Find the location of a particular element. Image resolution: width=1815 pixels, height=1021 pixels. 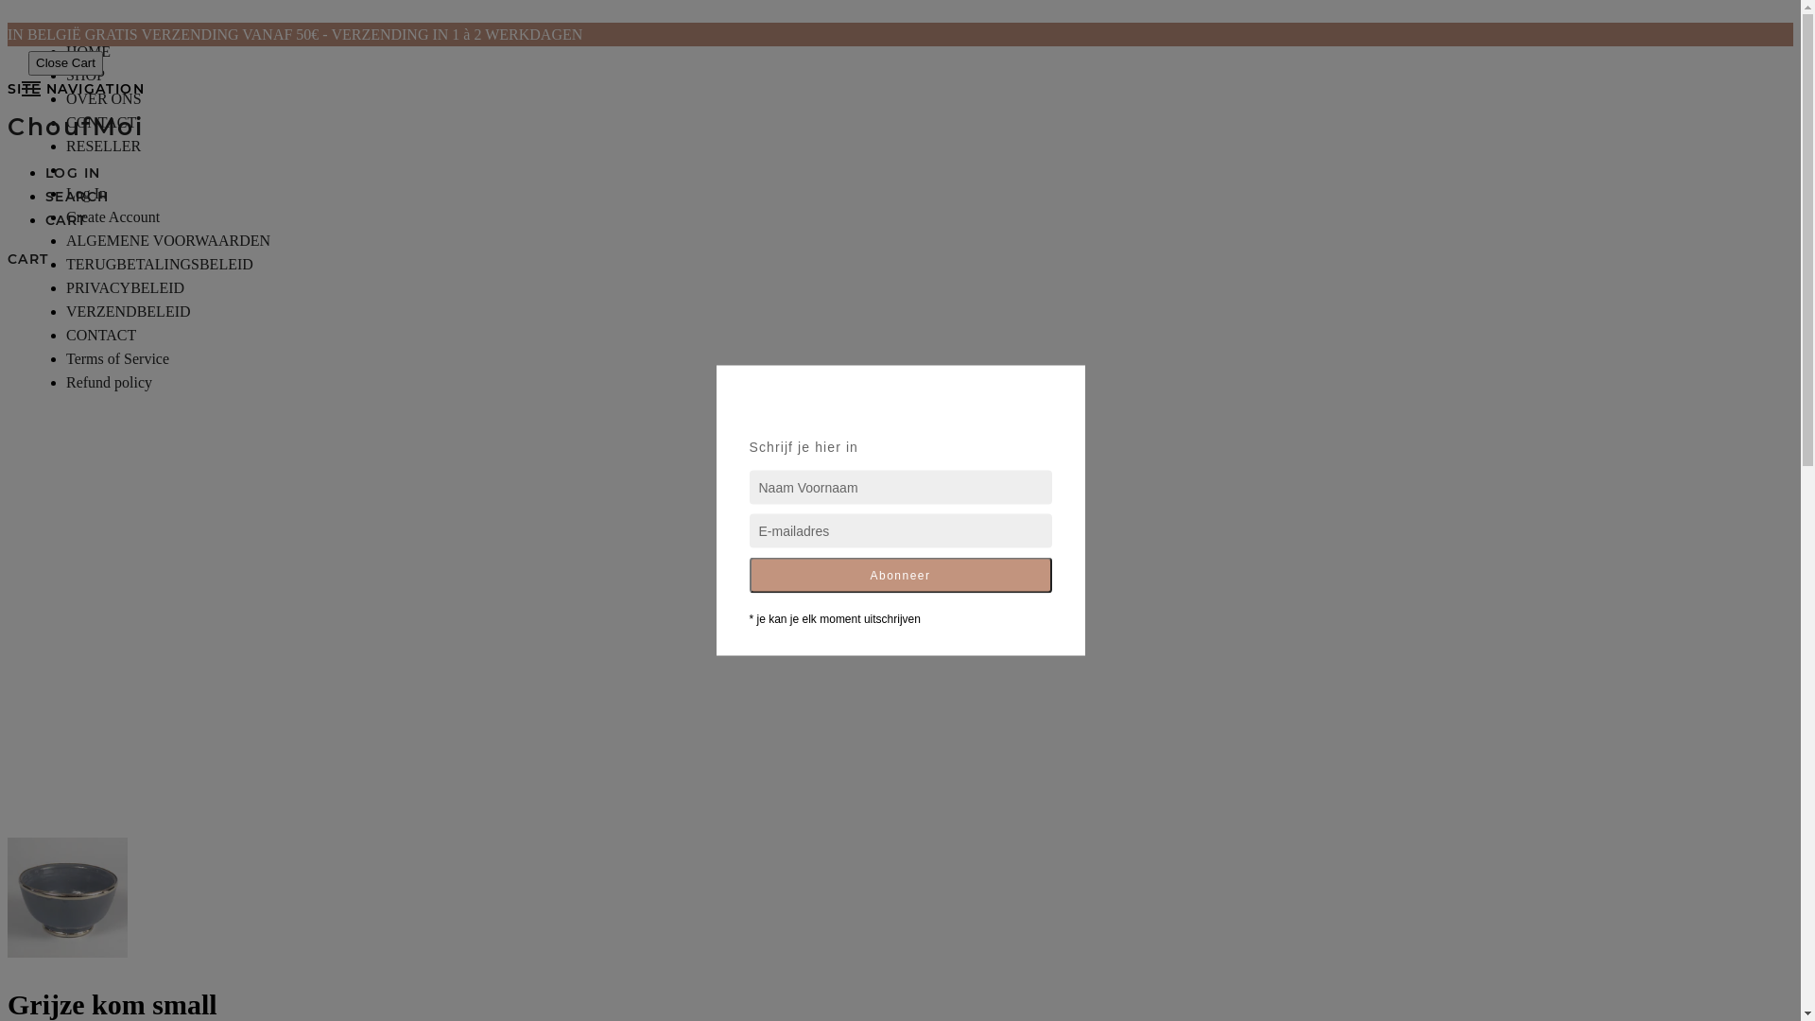

'HOME' is located at coordinates (87, 50).